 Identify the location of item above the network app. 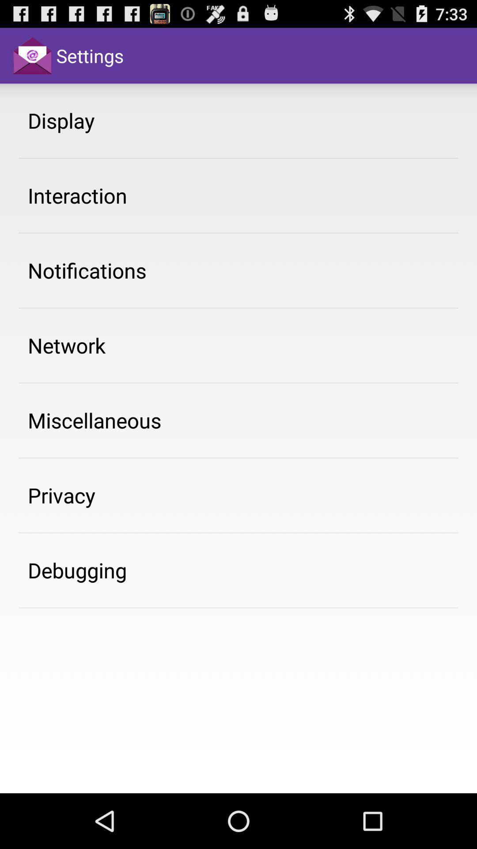
(87, 270).